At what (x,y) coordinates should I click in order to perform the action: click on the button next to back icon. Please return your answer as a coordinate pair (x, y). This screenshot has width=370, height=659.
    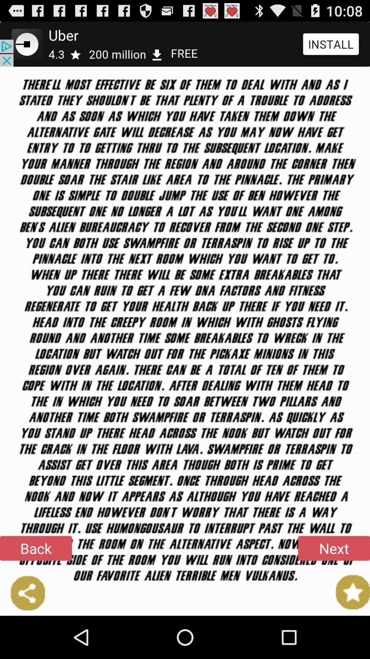
    Looking at the image, I should click on (334, 548).